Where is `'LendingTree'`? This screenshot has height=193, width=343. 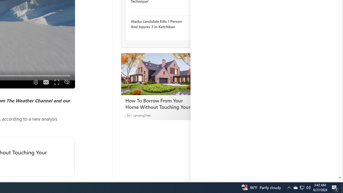
'LendingTree' is located at coordinates (142, 115).